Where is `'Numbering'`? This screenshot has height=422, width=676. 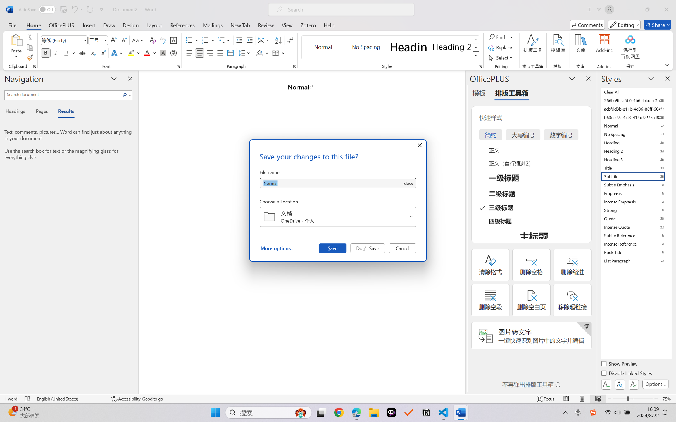 'Numbering' is located at coordinates (208, 40).